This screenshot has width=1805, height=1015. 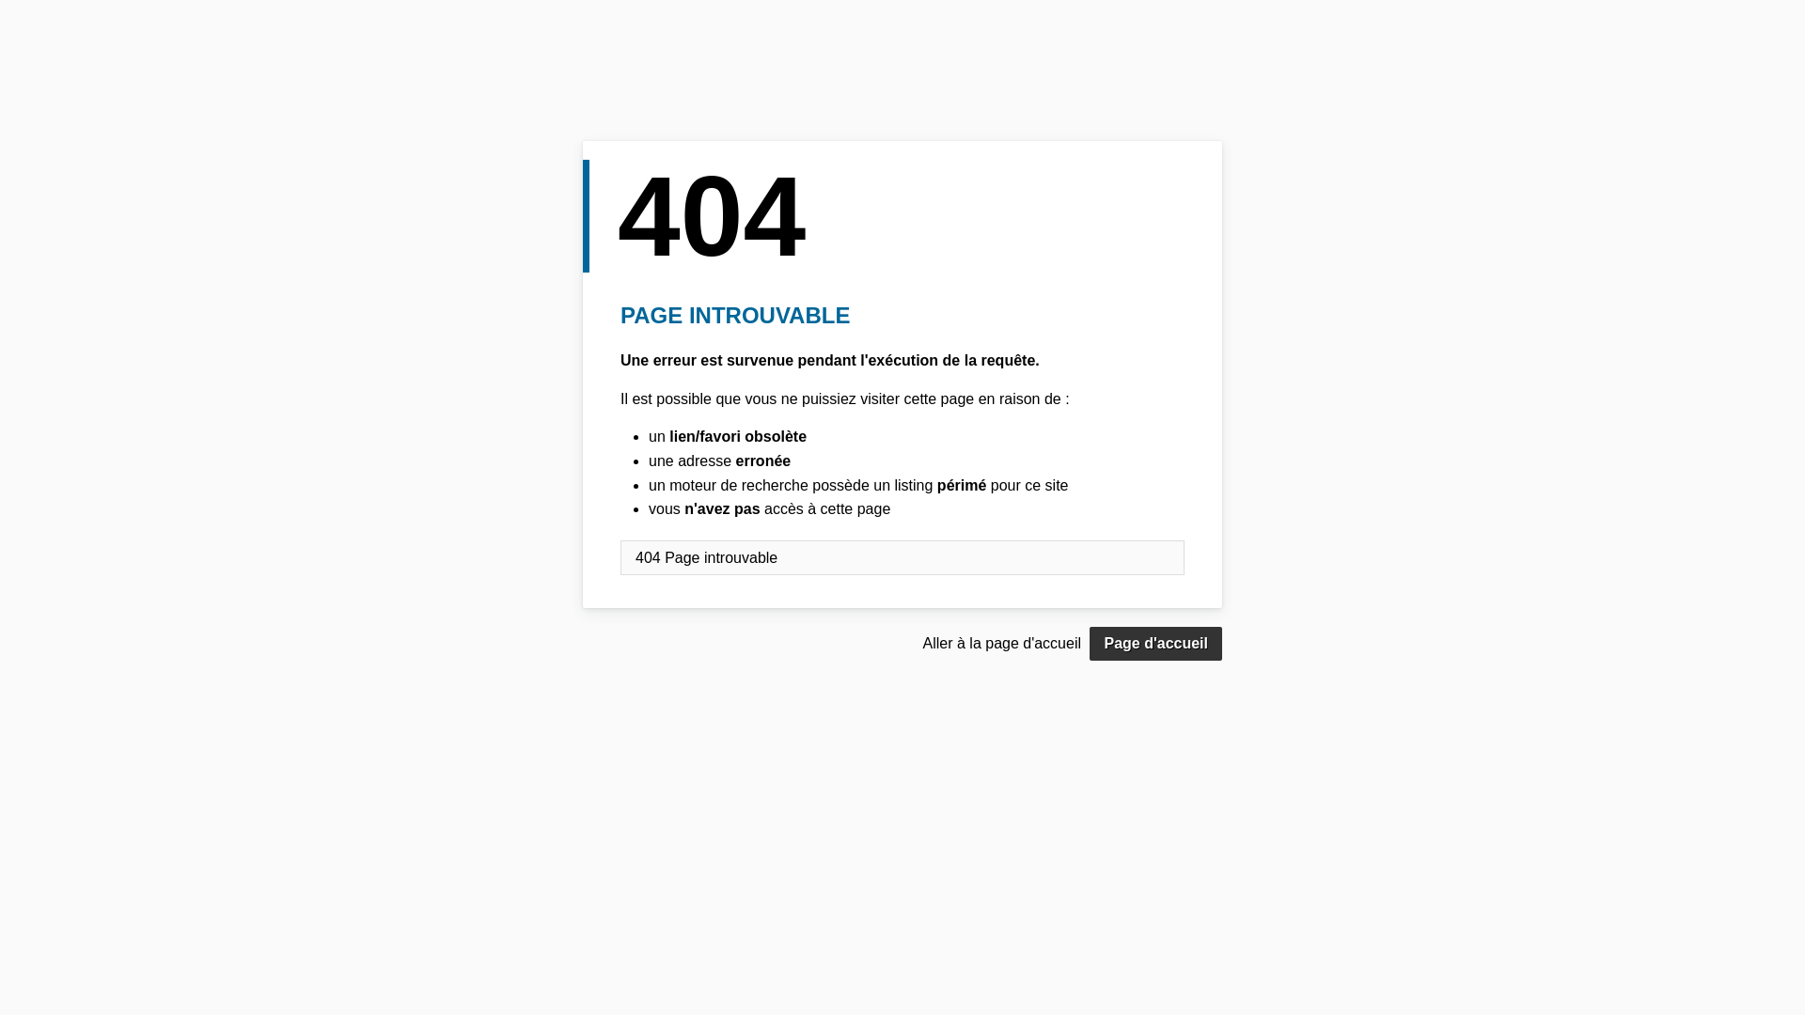 I want to click on 'Page d'accueil', so click(x=1154, y=643).